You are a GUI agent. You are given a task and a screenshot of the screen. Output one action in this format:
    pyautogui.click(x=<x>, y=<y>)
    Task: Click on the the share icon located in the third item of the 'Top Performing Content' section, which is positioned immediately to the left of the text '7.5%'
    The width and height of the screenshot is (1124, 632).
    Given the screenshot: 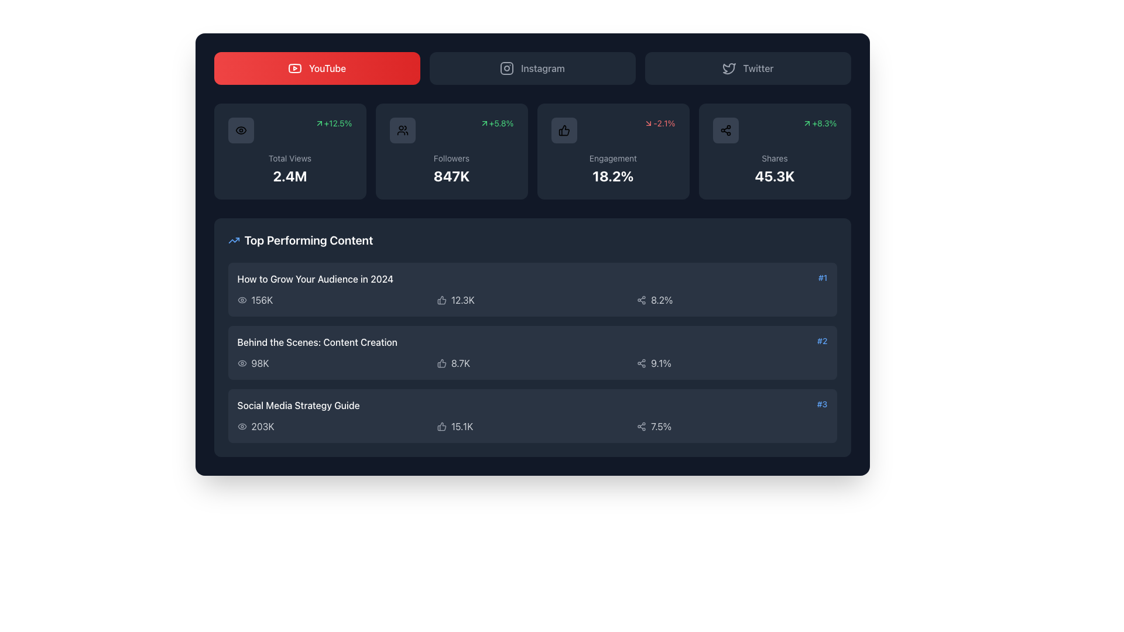 What is the action you would take?
    pyautogui.click(x=641, y=427)
    